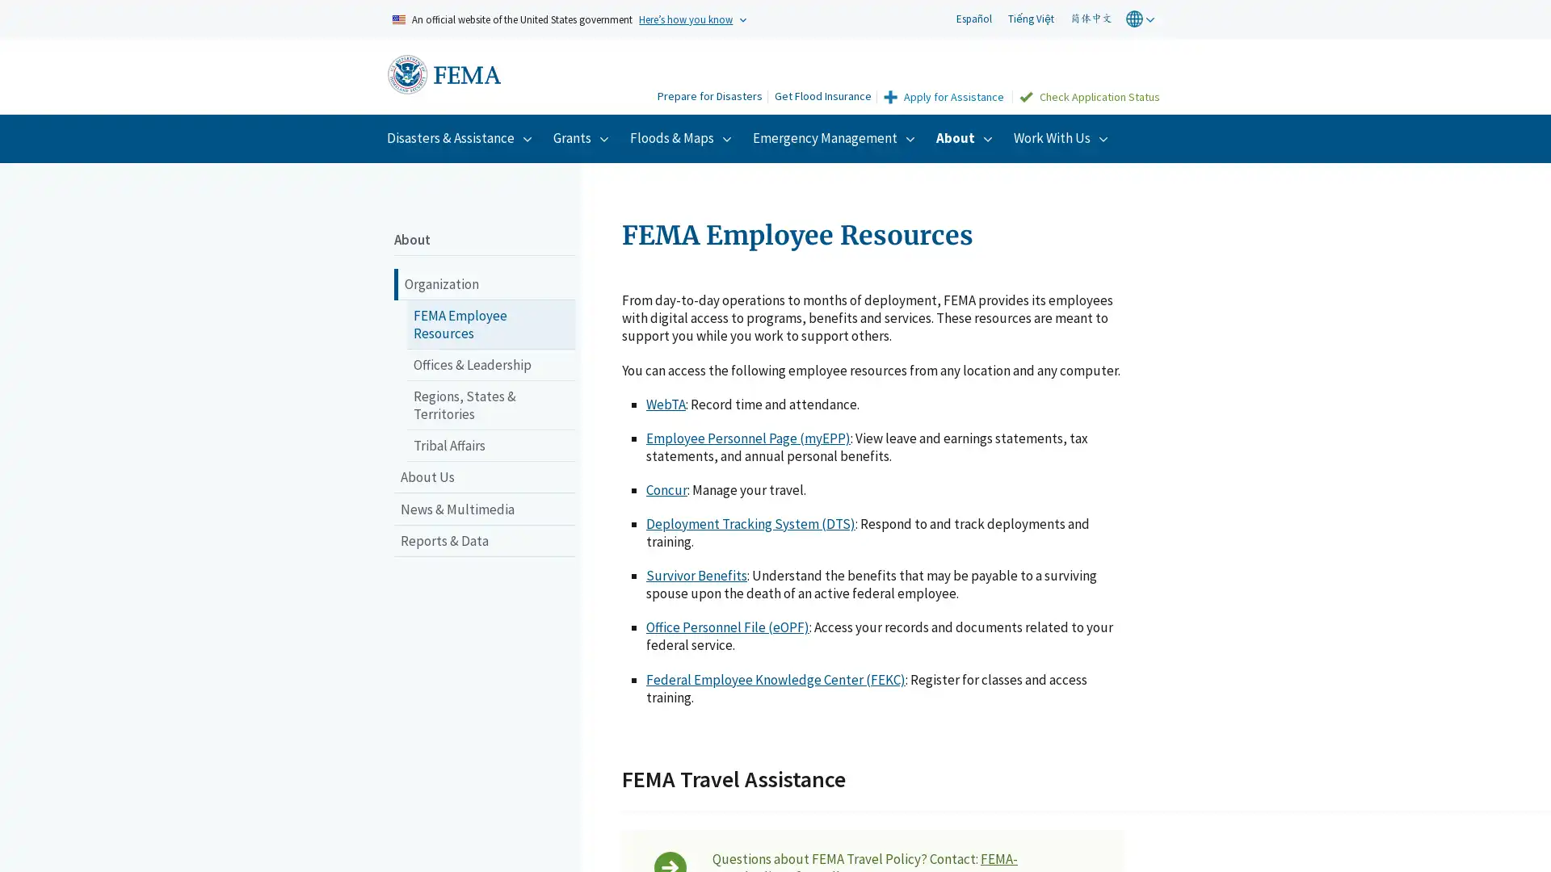  Describe the element at coordinates (836, 136) in the screenshot. I see `Emergency Management` at that location.